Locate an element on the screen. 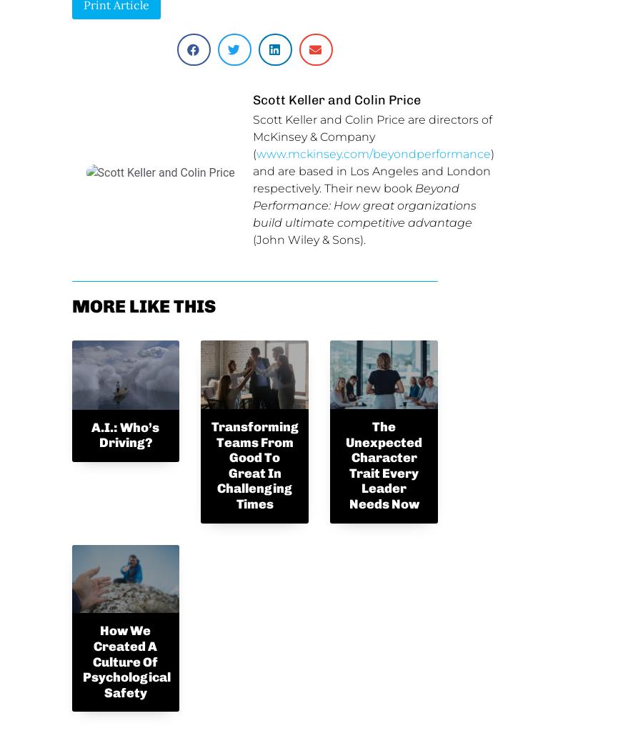 Image resolution: width=643 pixels, height=756 pixels. 'Scott Keller and Colin Price' is located at coordinates (335, 98).